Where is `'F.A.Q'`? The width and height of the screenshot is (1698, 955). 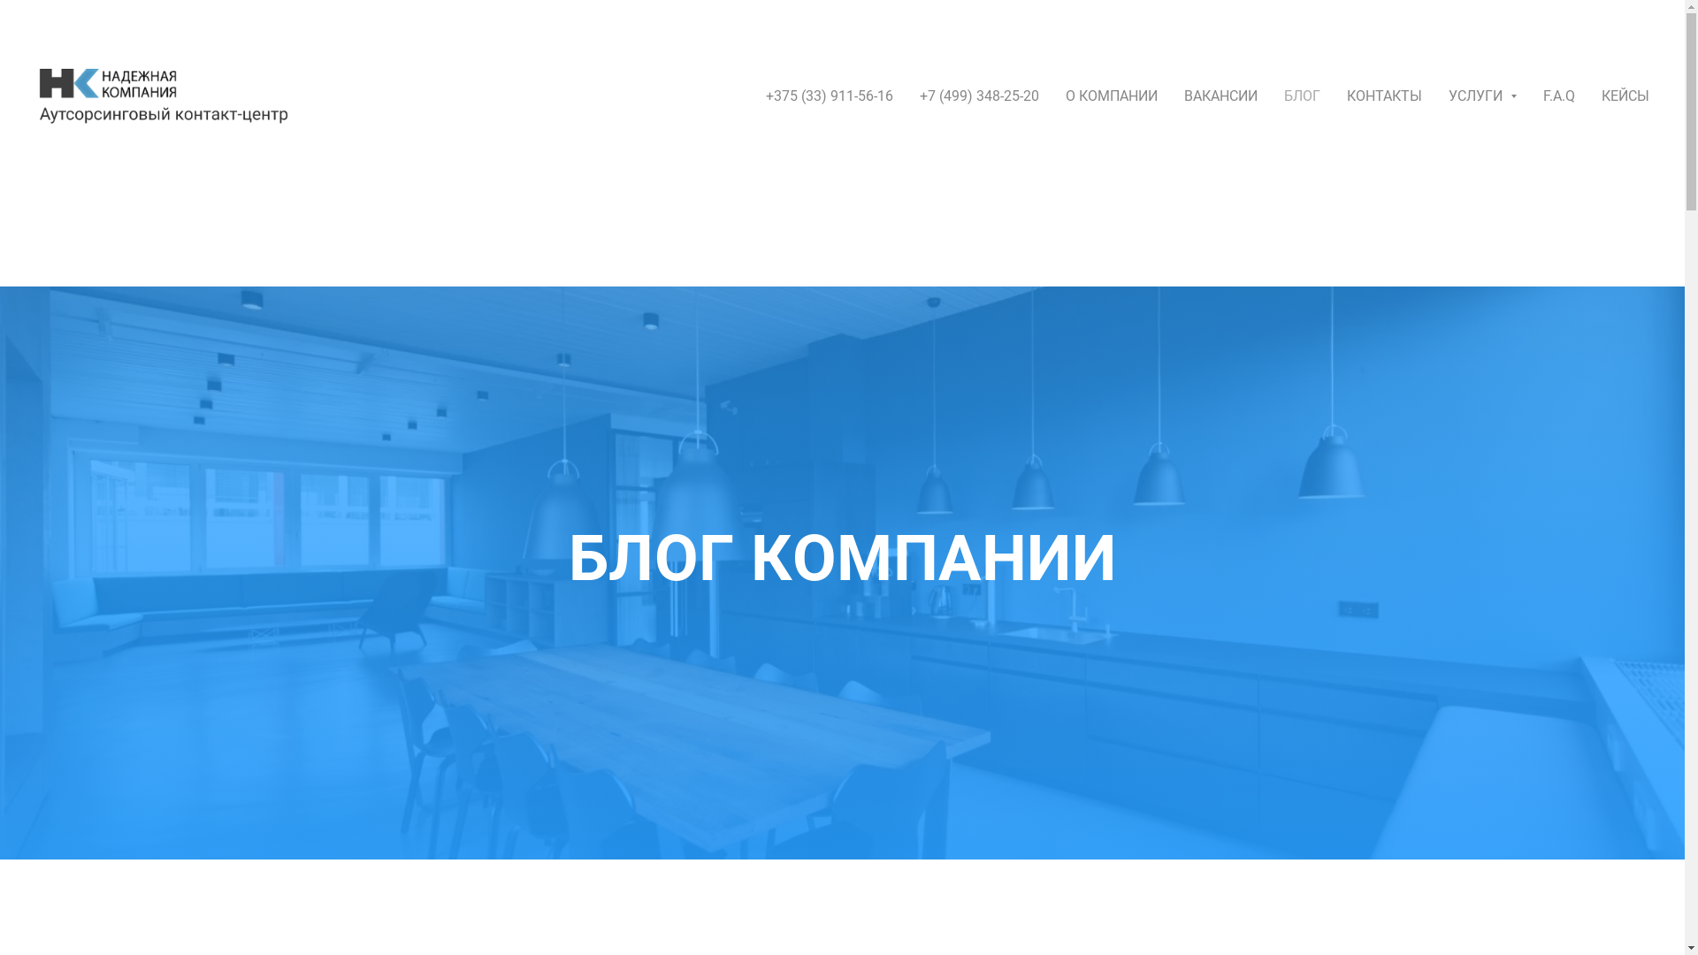
'F.A.Q' is located at coordinates (1558, 95).